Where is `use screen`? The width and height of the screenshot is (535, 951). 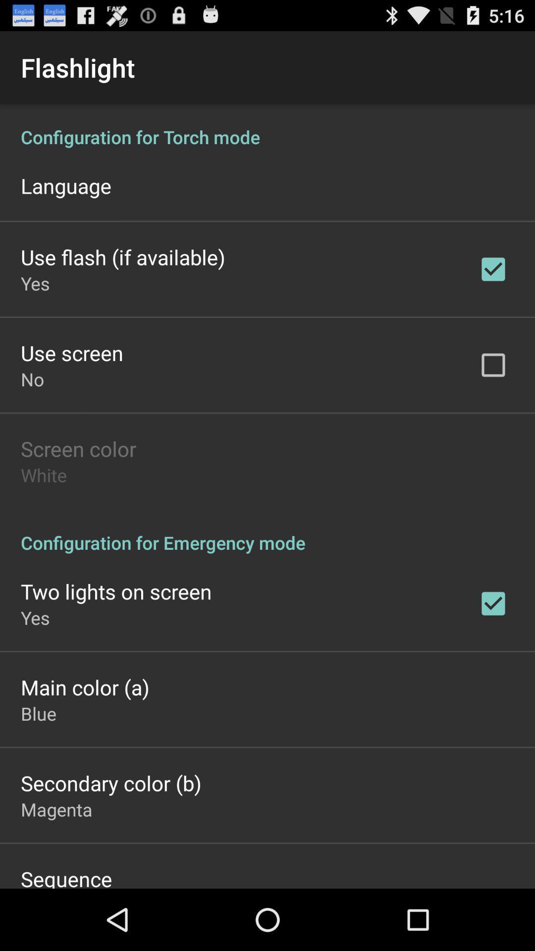
use screen is located at coordinates (71, 353).